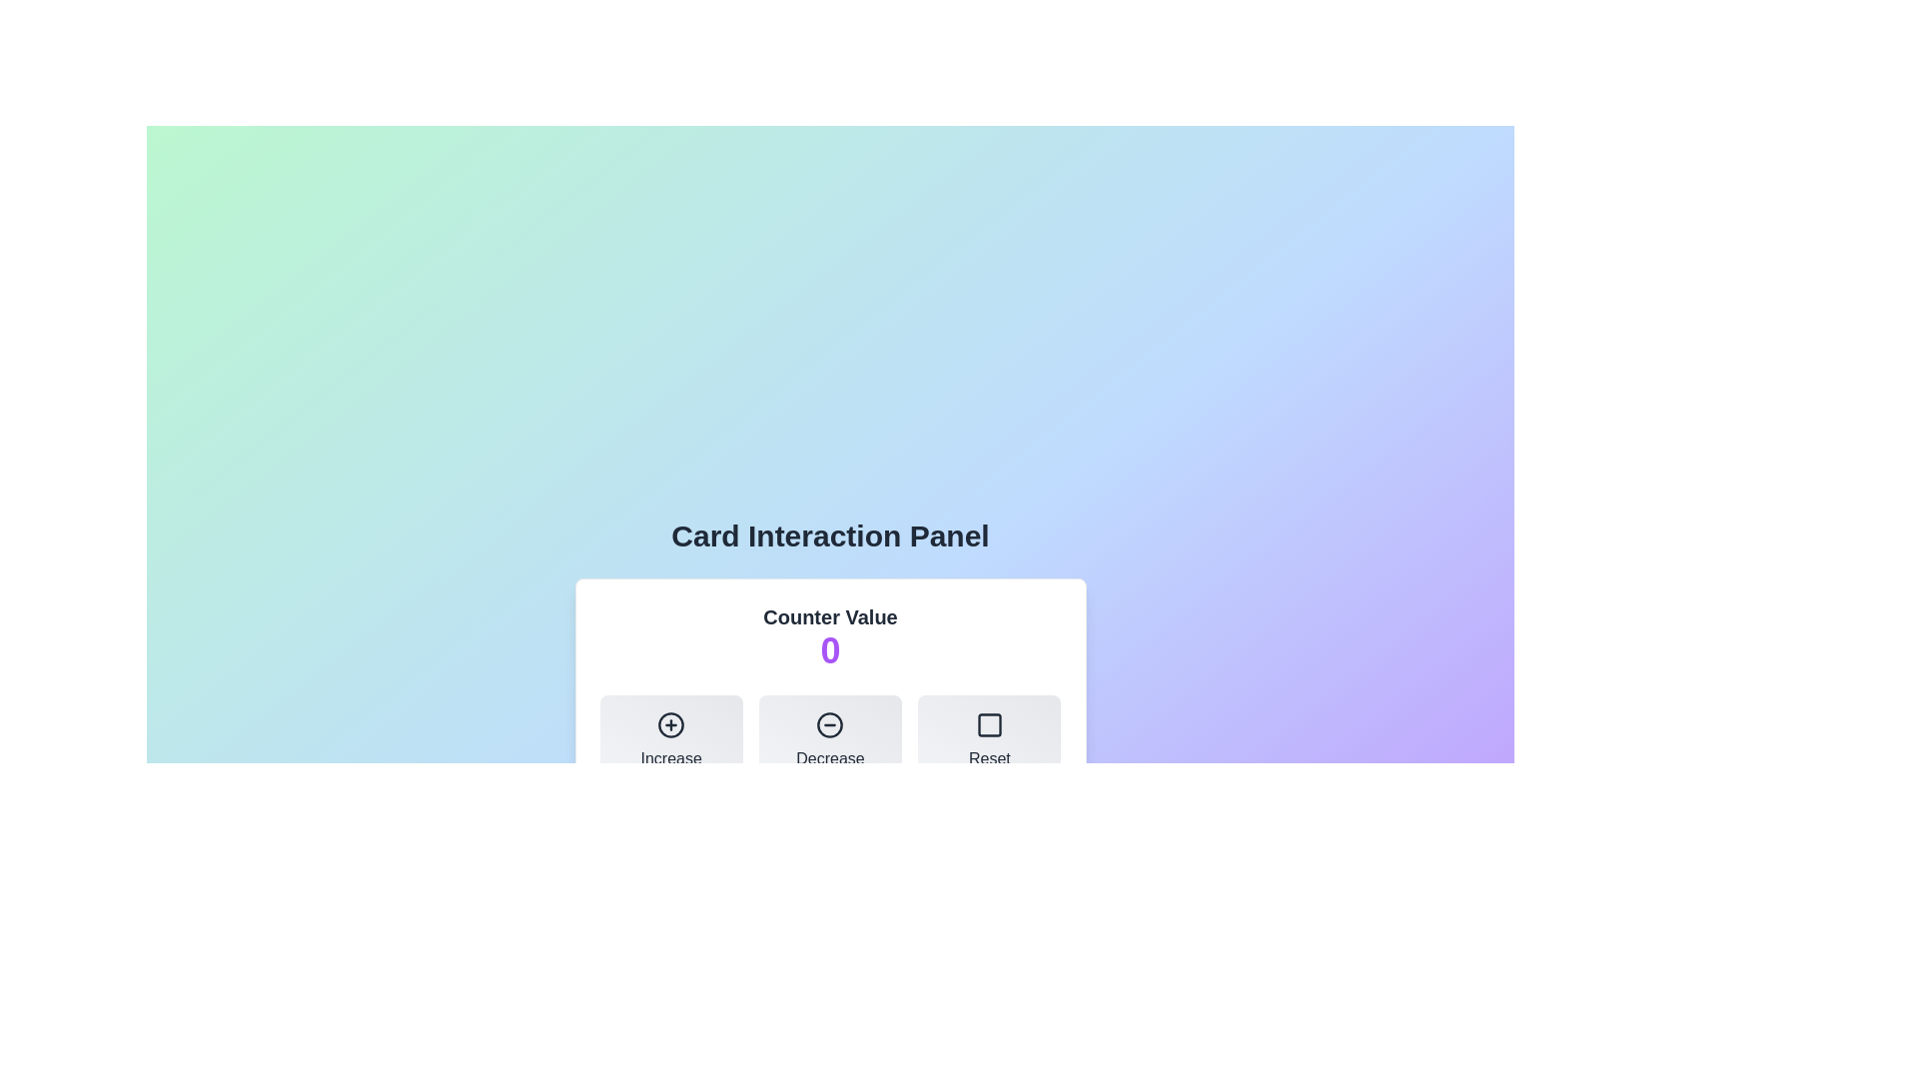 This screenshot has height=1079, width=1918. Describe the element at coordinates (830, 740) in the screenshot. I see `the middle button in the horizontal layout of three buttons to decrement the counter value displayed in the interface` at that location.